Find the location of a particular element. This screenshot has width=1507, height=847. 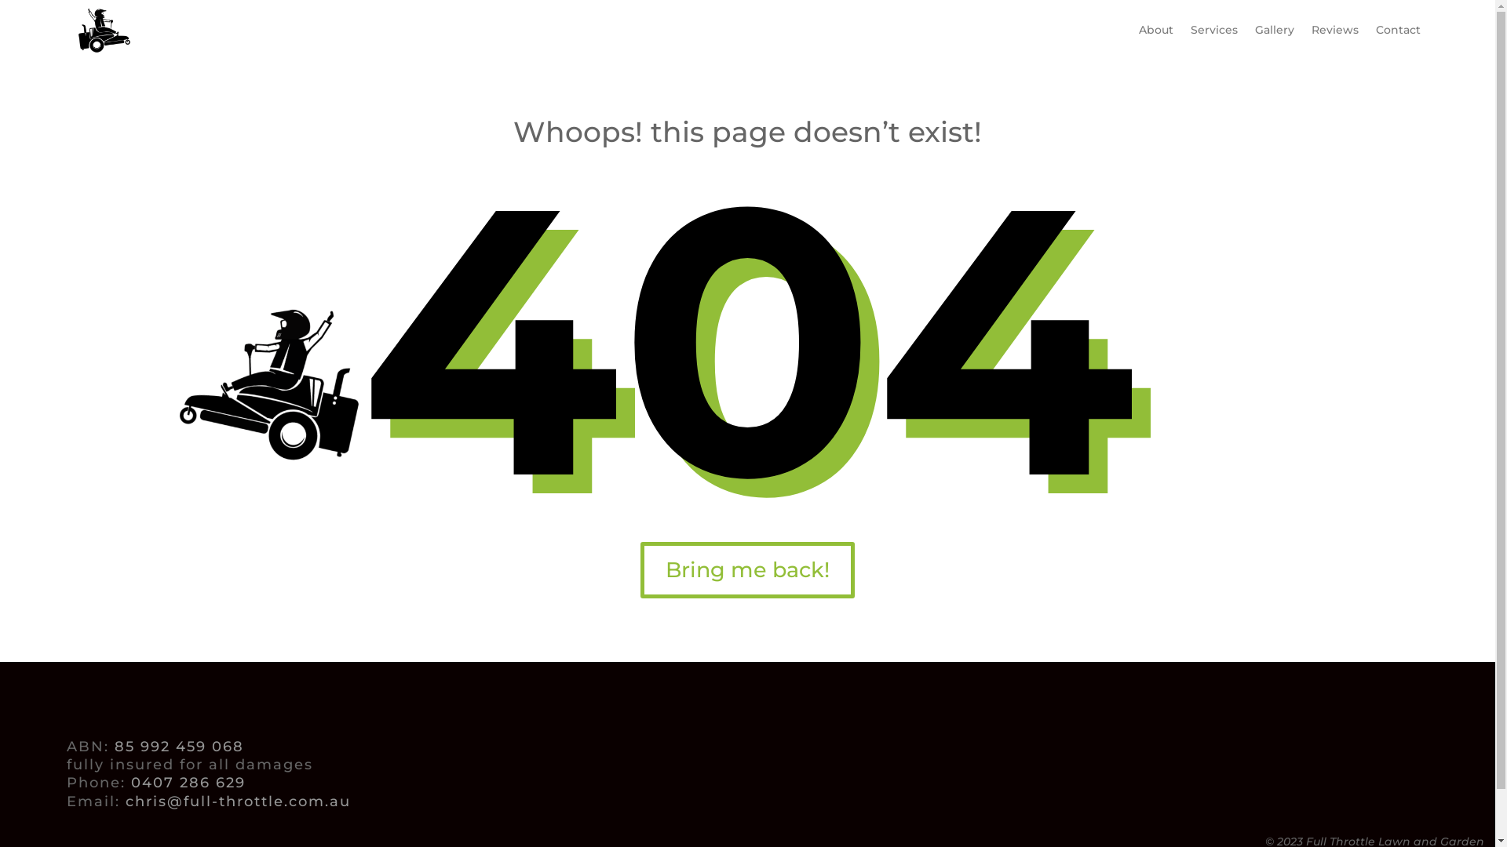

'Services' is located at coordinates (1213, 30).